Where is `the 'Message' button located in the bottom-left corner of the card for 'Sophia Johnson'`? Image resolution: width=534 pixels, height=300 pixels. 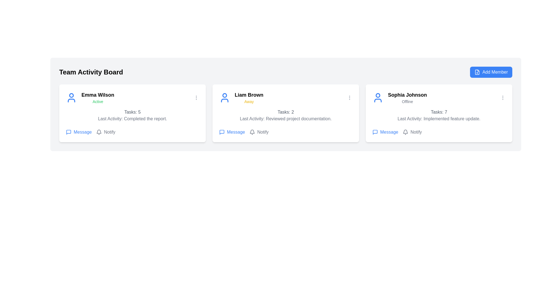 the 'Message' button located in the bottom-left corner of the card for 'Sophia Johnson' is located at coordinates (385, 132).